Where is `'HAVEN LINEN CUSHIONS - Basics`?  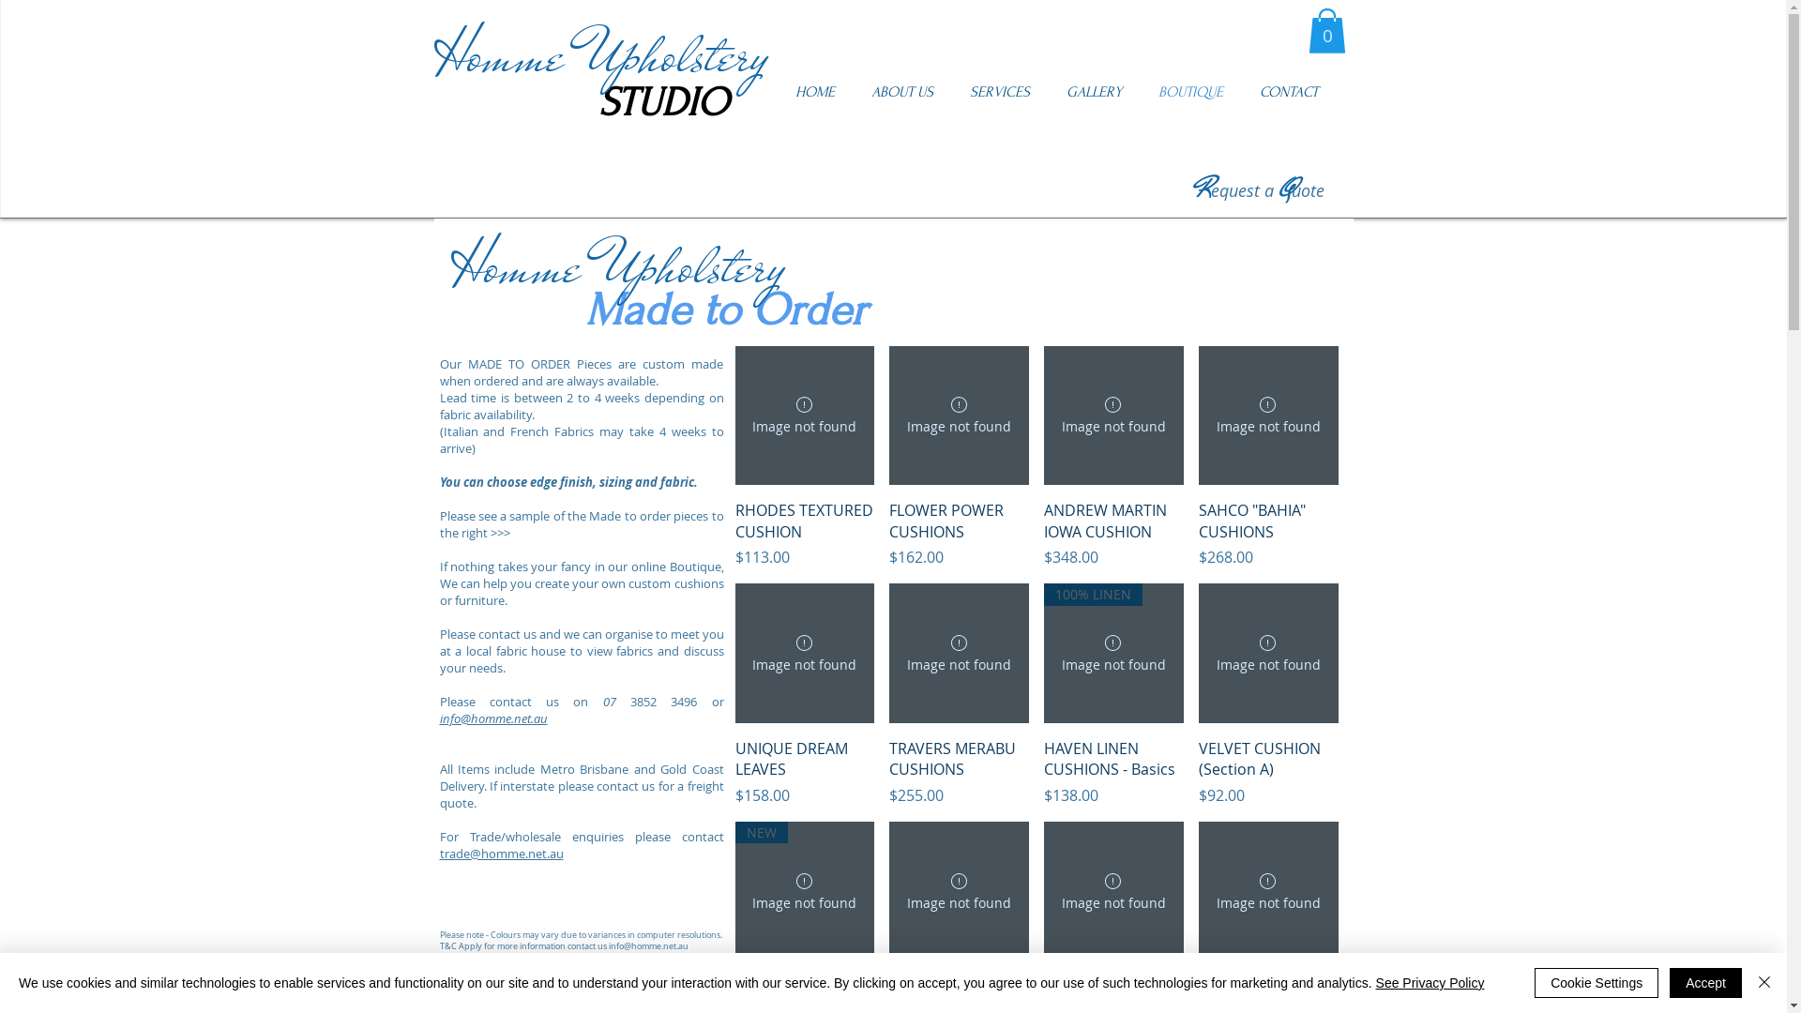
'HAVEN LINEN CUSHIONS - Basics is located at coordinates (1113, 652).